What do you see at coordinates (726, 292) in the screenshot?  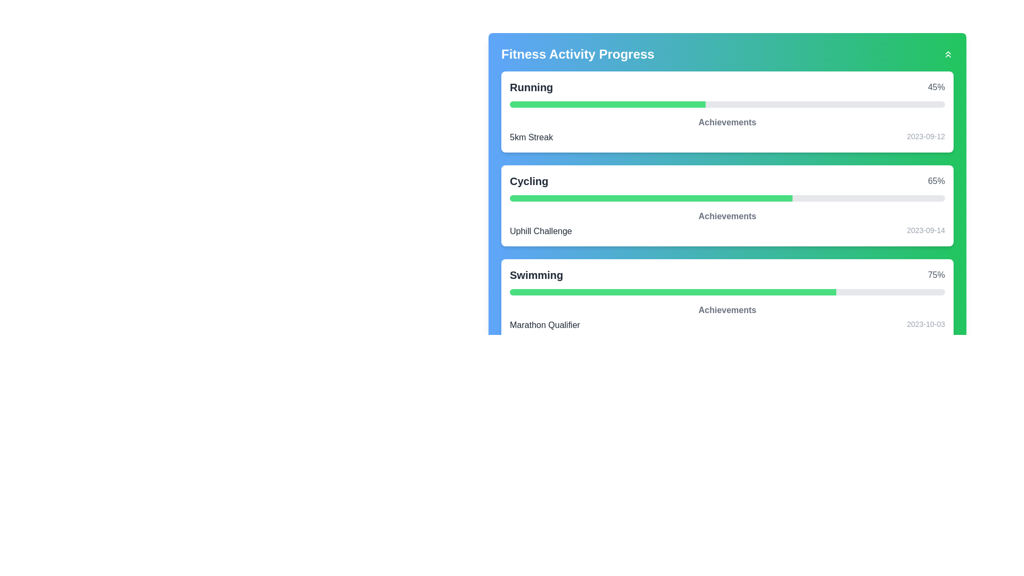 I see `the horizontal progress bar that is light gray with a green fill indicating 75% progress, located below the 'Swimming' label and above the 'Achievements' label` at bounding box center [726, 292].